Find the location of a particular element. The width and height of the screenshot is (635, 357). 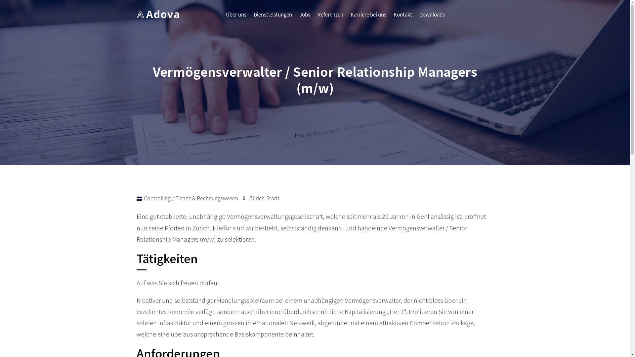

'Downloads' is located at coordinates (432, 17).